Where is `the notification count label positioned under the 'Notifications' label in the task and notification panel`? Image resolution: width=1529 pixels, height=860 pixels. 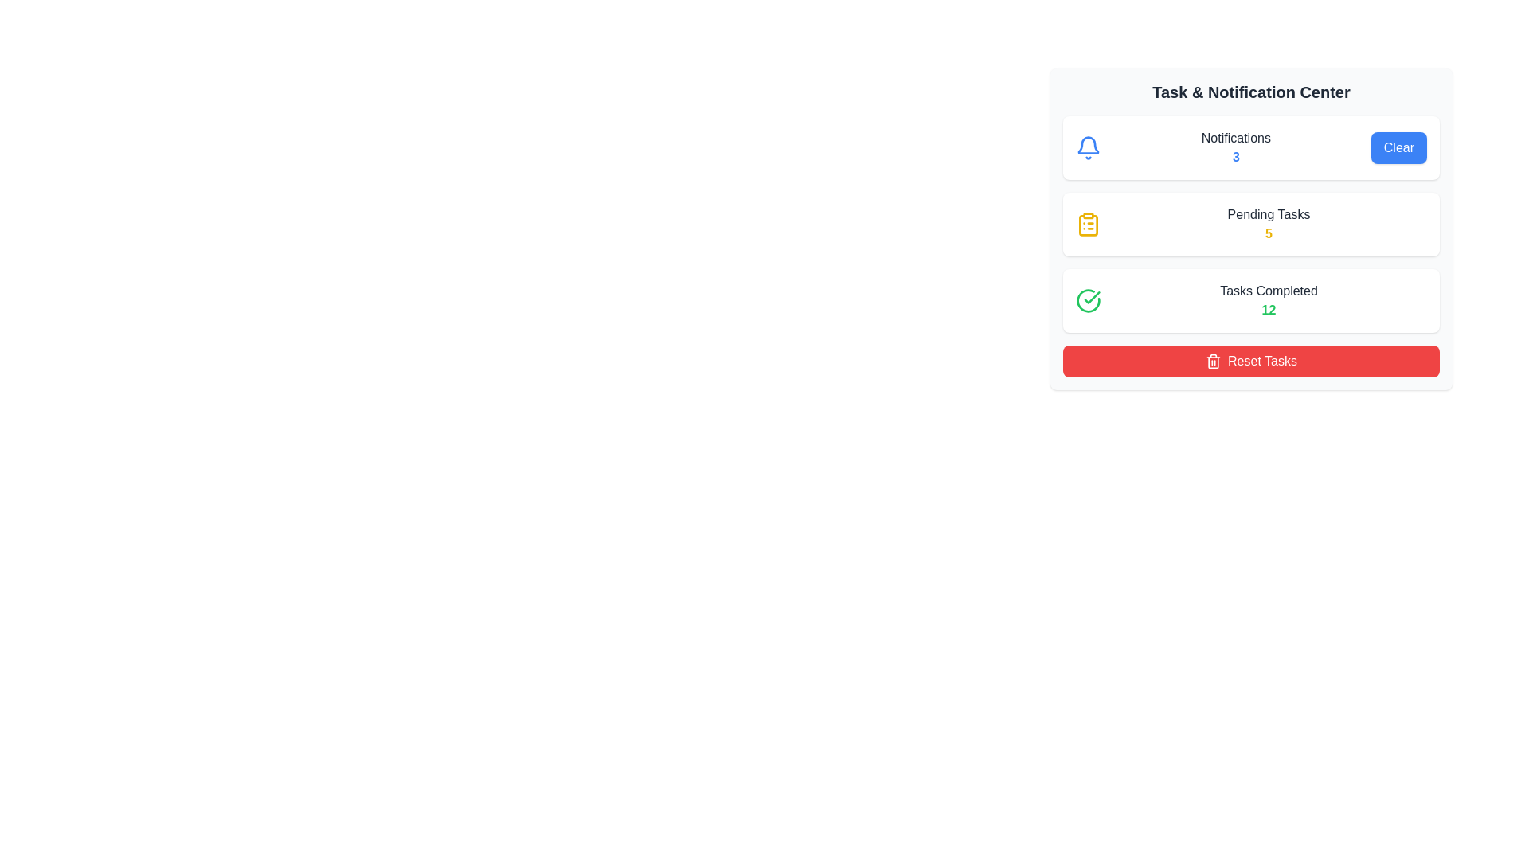 the notification count label positioned under the 'Notifications' label in the task and notification panel is located at coordinates (1235, 157).